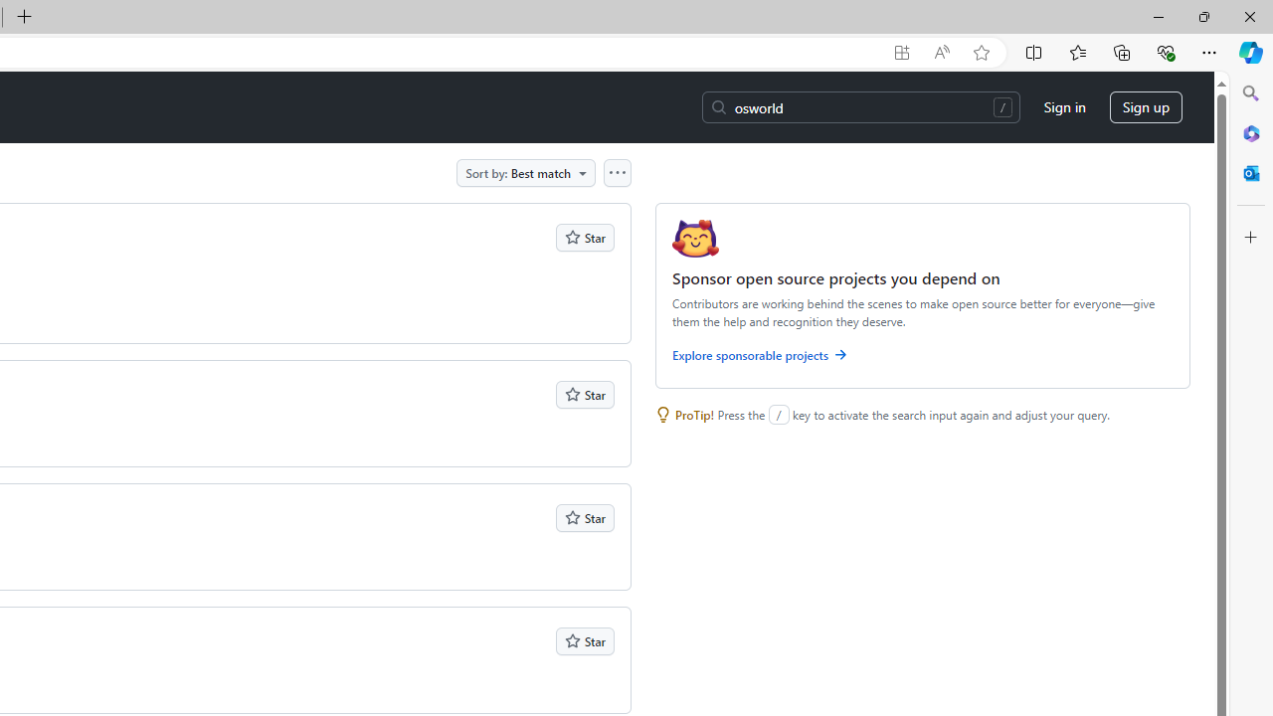  What do you see at coordinates (940, 52) in the screenshot?
I see `'Read aloud this page (Ctrl+Shift+U)'` at bounding box center [940, 52].